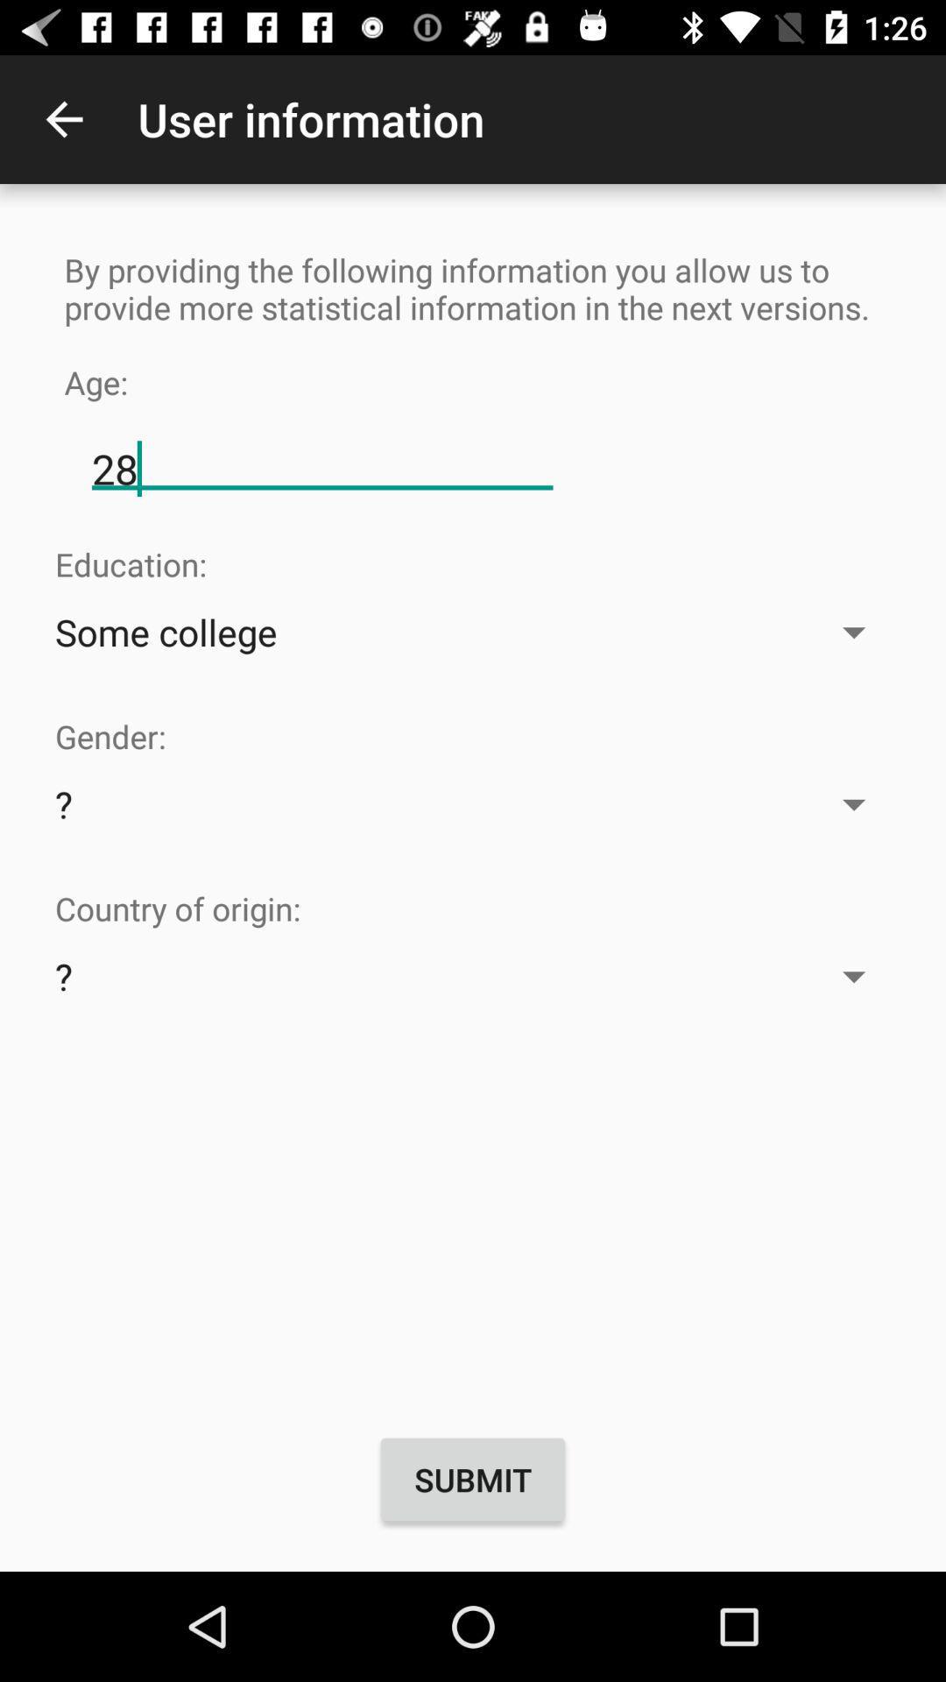 The height and width of the screenshot is (1682, 946). What do you see at coordinates (473, 631) in the screenshot?
I see `the text field below education` at bounding box center [473, 631].